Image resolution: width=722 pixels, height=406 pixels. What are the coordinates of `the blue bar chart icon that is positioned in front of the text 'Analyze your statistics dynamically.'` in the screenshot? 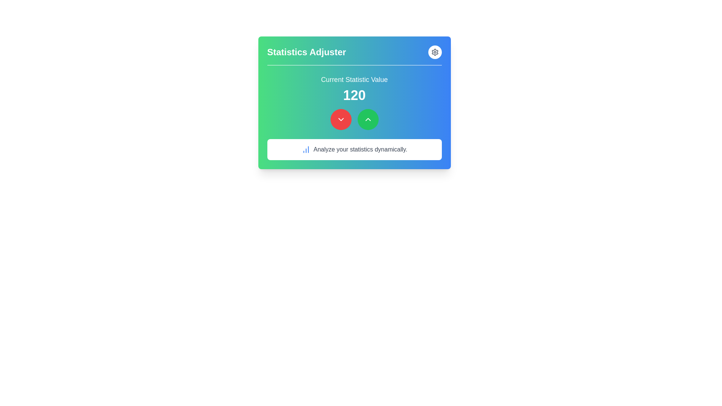 It's located at (306, 149).